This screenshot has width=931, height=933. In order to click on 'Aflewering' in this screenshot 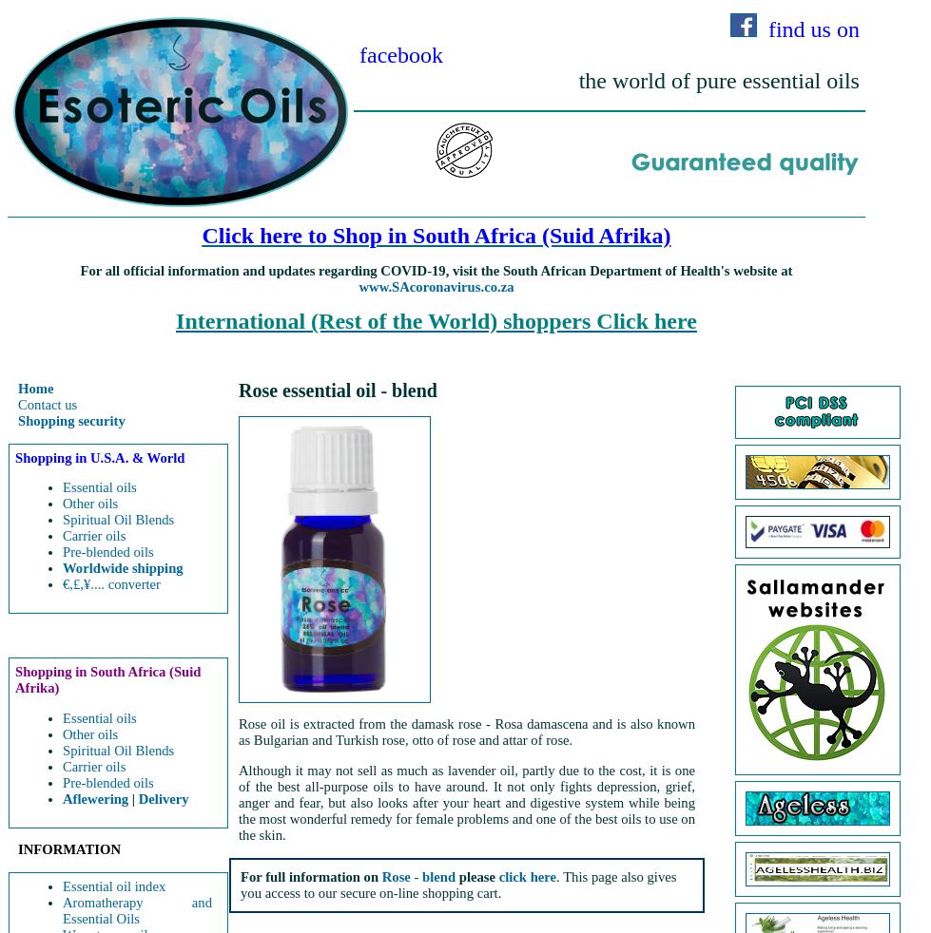, I will do `click(95, 798)`.